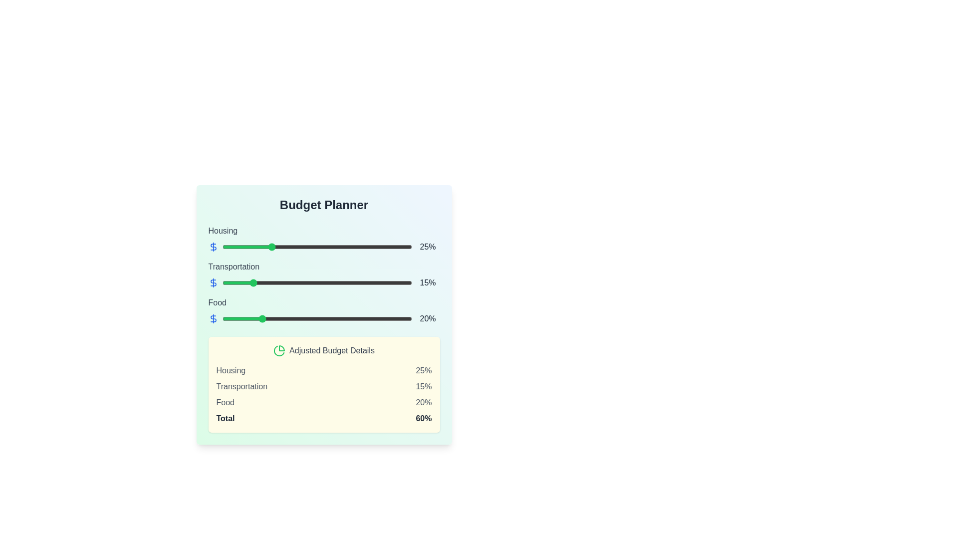 The image size is (958, 539). I want to click on the topmost green and black range input slider, which aligns with the 'Housing' label on the left and the '25%' percentage on the right for interaction, so click(316, 247).